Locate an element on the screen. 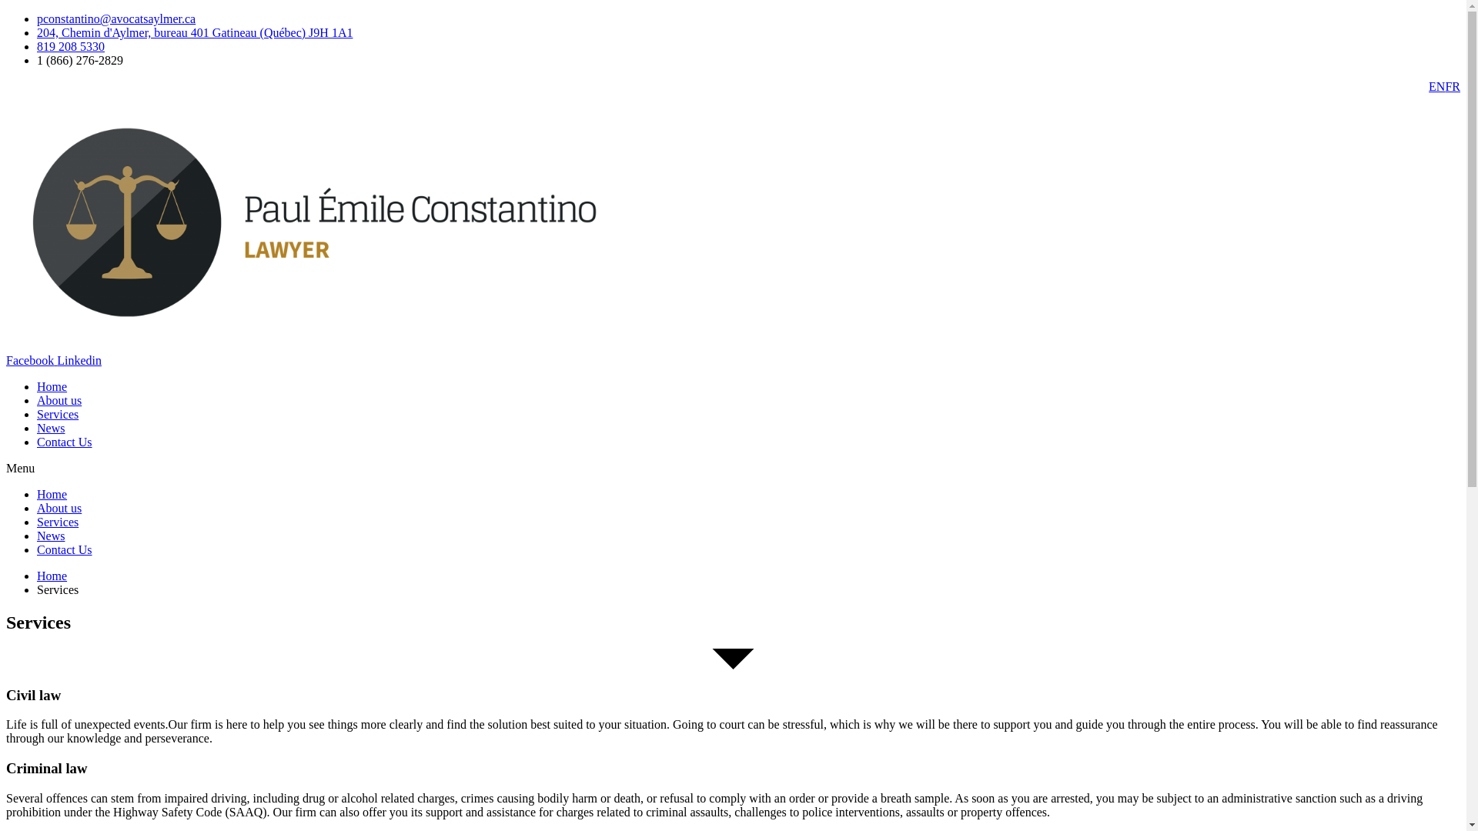 The width and height of the screenshot is (1478, 831). 'News' is located at coordinates (51, 428).